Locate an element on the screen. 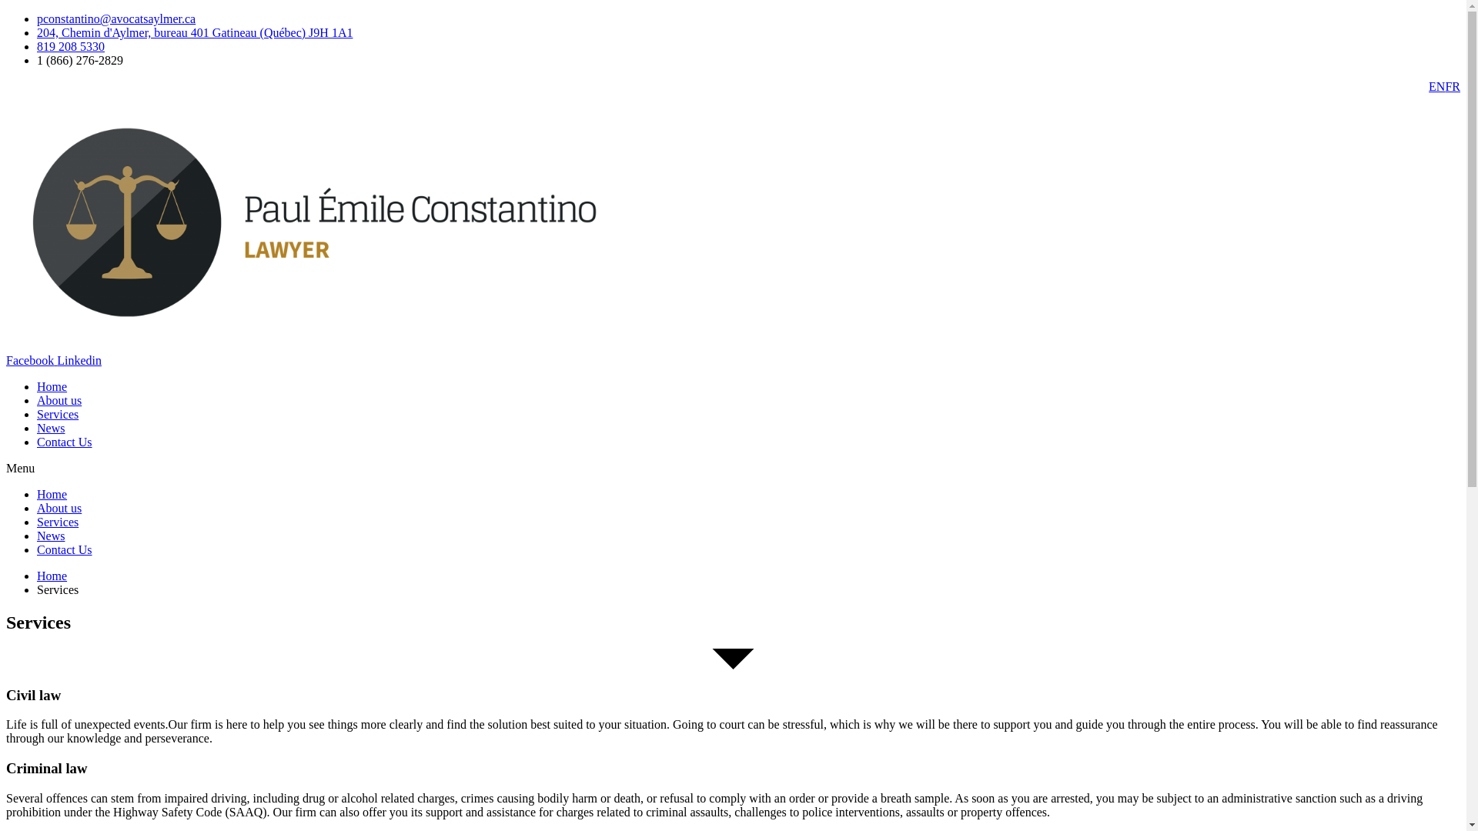 The width and height of the screenshot is (1478, 831). 'News' is located at coordinates (51, 428).